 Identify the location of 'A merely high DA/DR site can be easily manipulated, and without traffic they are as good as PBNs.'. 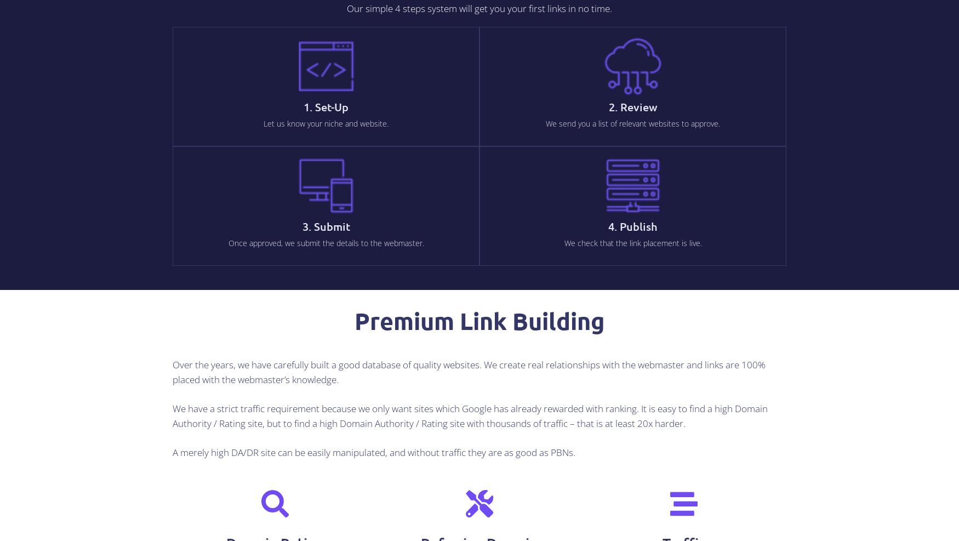
(173, 452).